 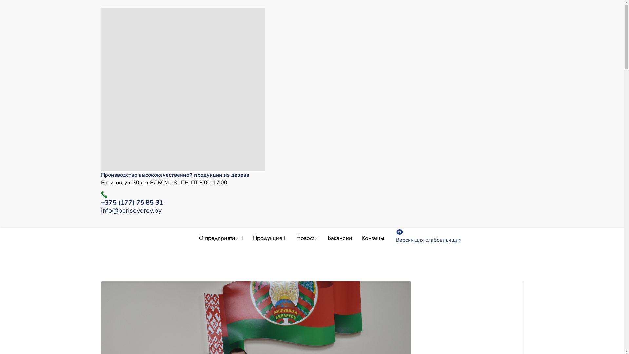 I want to click on '+375 (177) 75 85 31', so click(x=132, y=202).